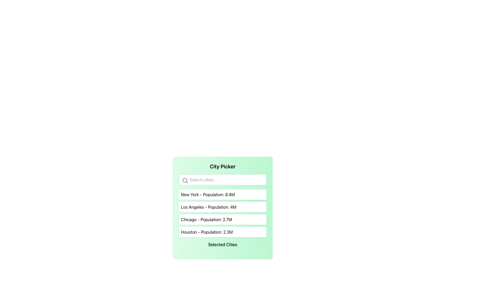 This screenshot has width=500, height=281. I want to click on the informational list item displaying 'New York' and its population, so click(222, 195).